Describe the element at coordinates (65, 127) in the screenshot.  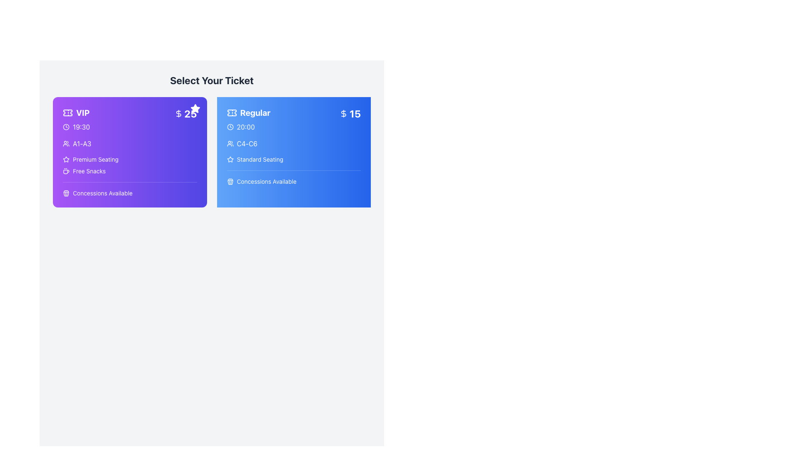
I see `the circular clock icon located in the top-left section of the 'VIP' ticket card, which is positioned closely to the '19:30' text` at that location.